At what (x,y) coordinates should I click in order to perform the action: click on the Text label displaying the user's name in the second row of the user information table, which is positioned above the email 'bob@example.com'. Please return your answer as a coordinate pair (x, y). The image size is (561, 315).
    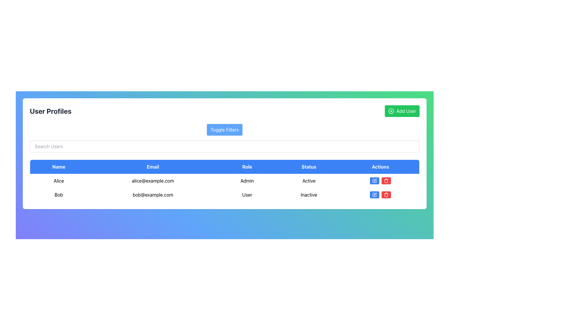
    Looking at the image, I should click on (59, 195).